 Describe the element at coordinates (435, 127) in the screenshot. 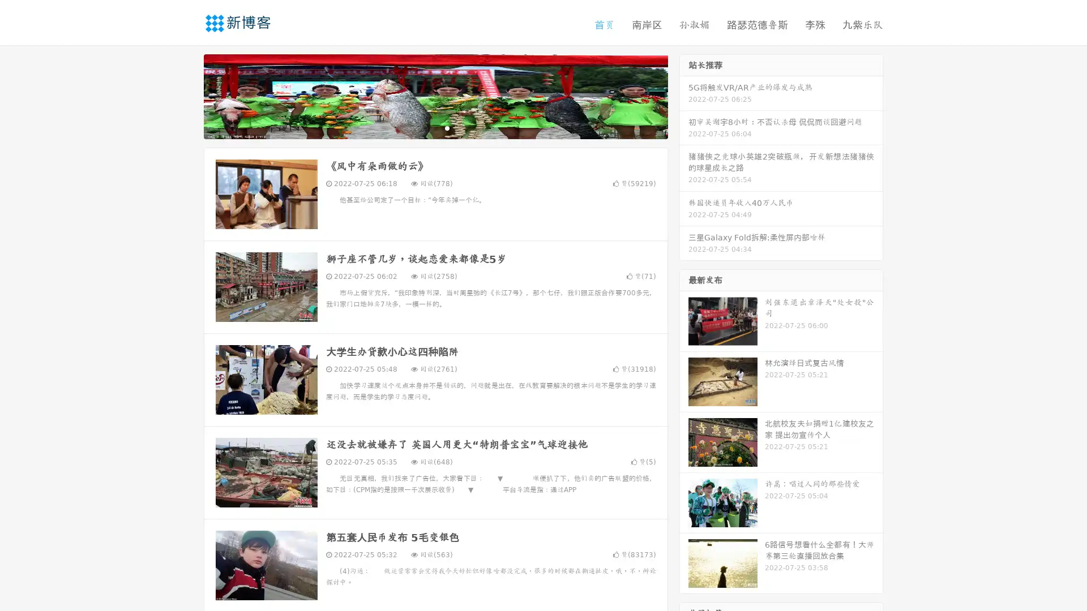

I see `Go to slide 2` at that location.